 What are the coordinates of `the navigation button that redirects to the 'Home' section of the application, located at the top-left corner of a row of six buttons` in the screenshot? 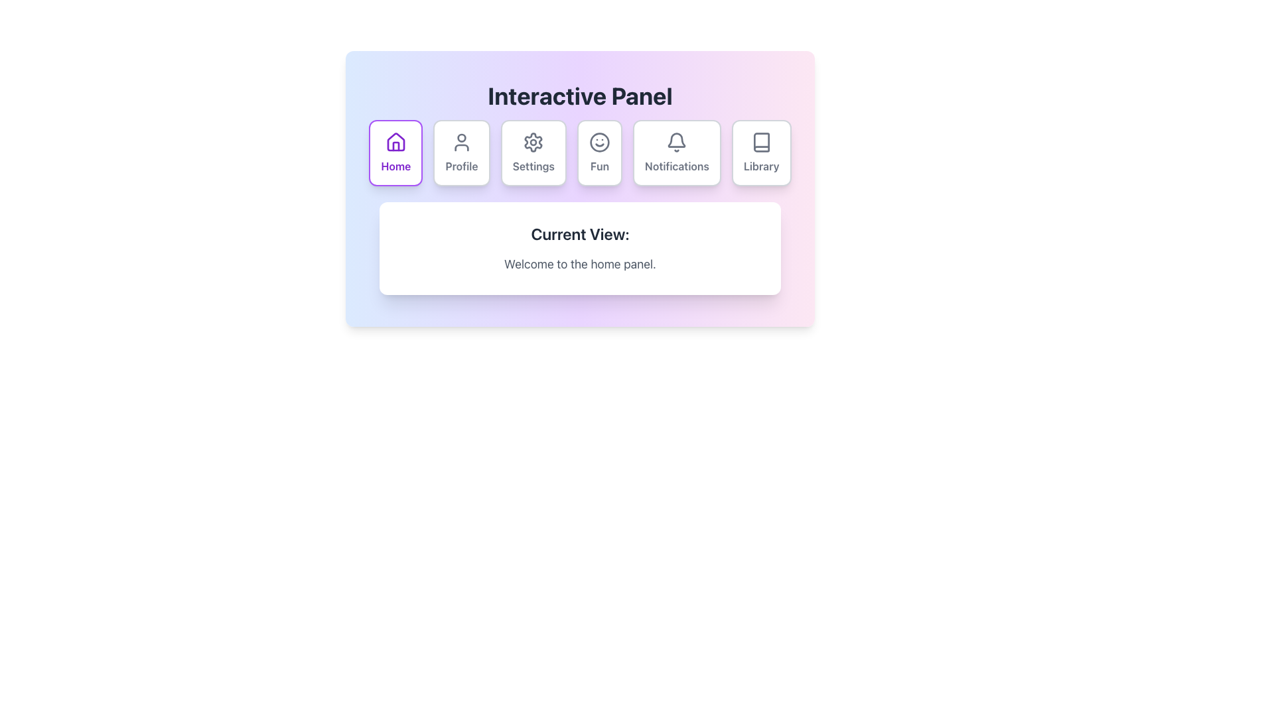 It's located at (395, 152).